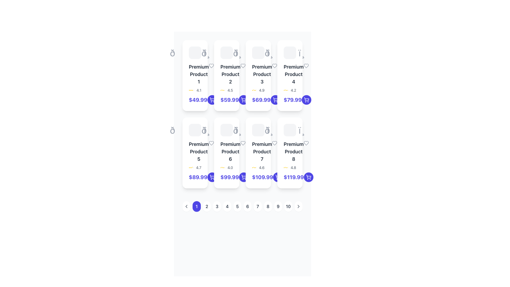 This screenshot has height=287, width=510. Describe the element at coordinates (298, 206) in the screenshot. I see `the right-facing chevron icon button used for navigating to the next page in the pagination controls section at the bottom of the products grid interface via keyboard navigation` at that location.